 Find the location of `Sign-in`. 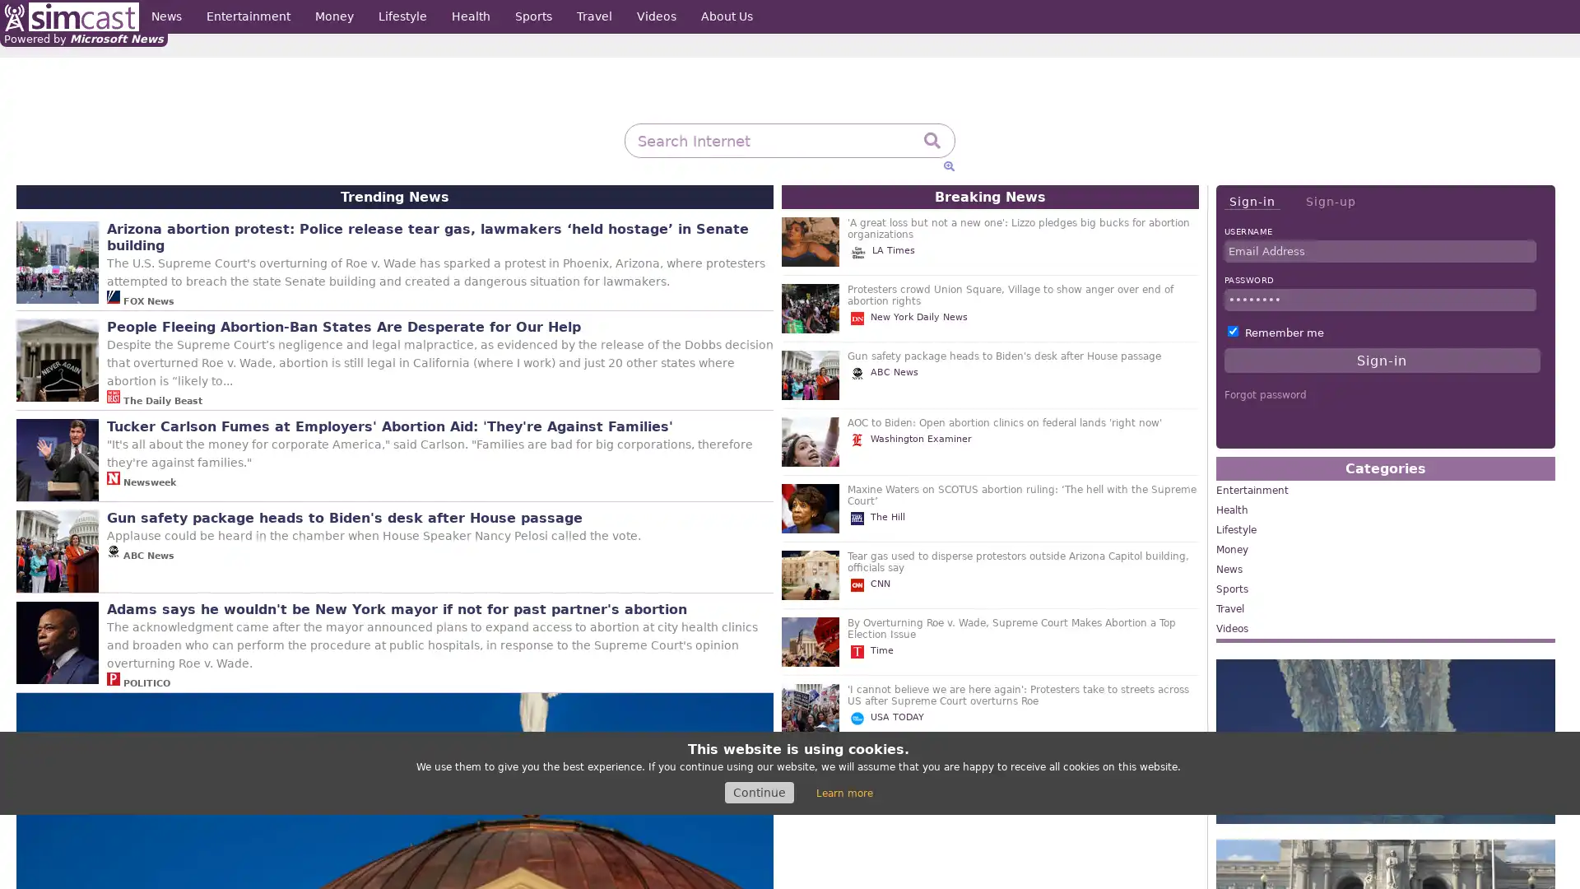

Sign-in is located at coordinates (1382, 360).